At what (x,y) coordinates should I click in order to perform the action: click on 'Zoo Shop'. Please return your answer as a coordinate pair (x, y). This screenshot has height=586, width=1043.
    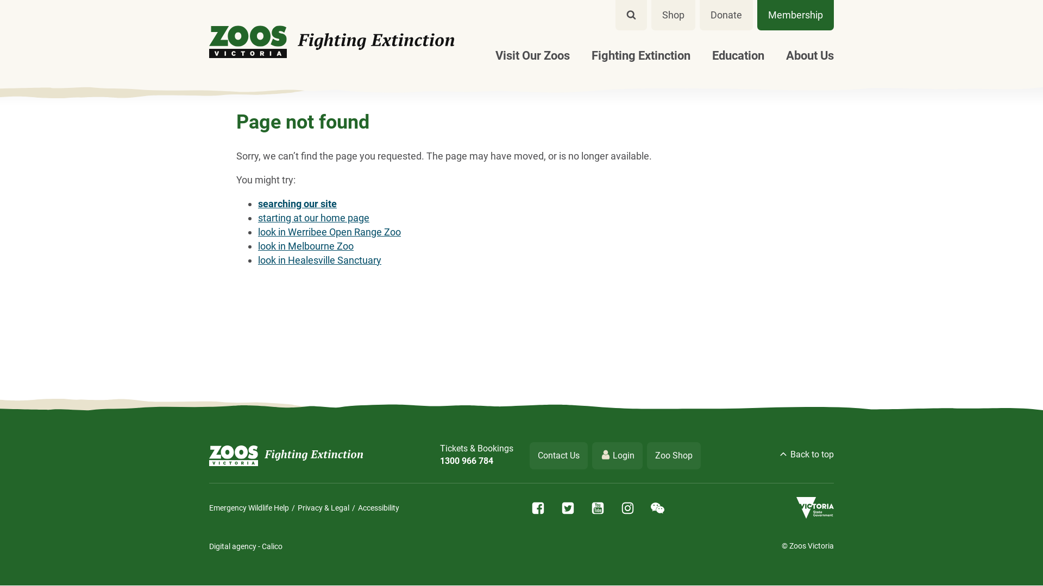
    Looking at the image, I should click on (673, 456).